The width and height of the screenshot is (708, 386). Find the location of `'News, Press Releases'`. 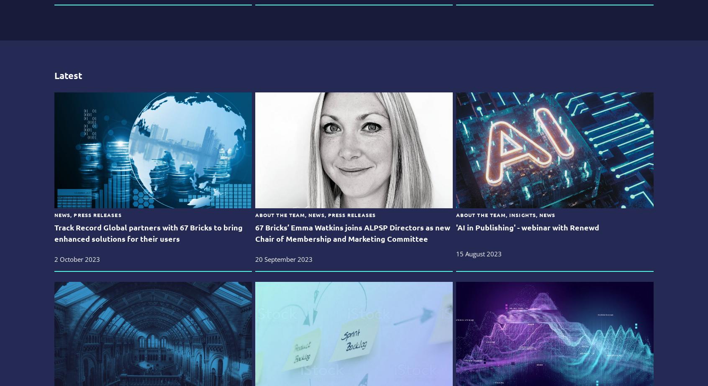

'News, Press Releases' is located at coordinates (87, 215).